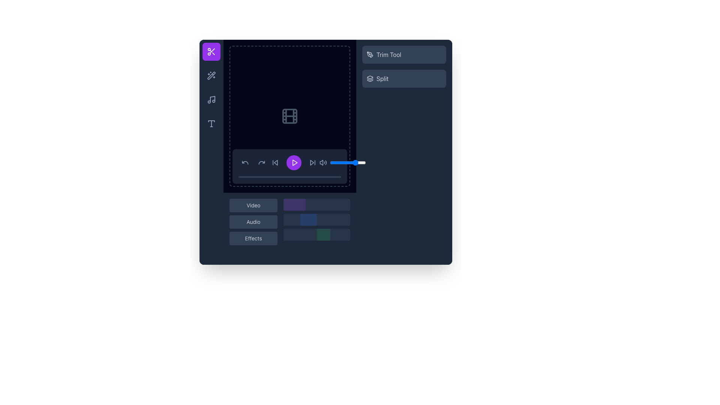  I want to click on the topmost square button with a purple background and a white scissors icon on the left vertical toolbar, so click(211, 51).